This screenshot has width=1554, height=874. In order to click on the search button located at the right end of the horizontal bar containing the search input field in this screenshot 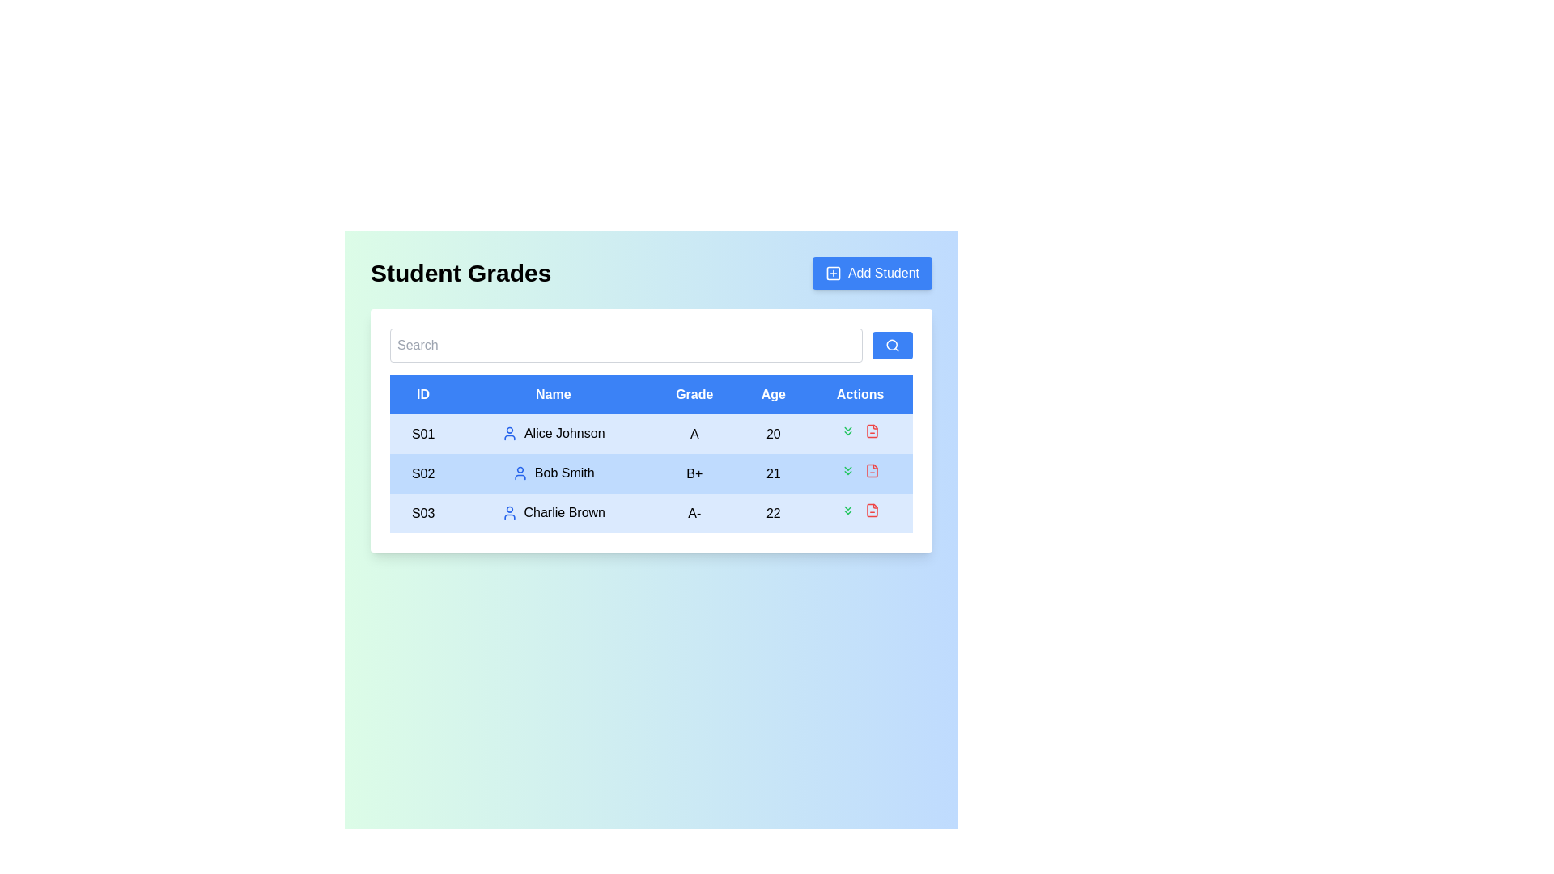, I will do `click(892, 345)`.